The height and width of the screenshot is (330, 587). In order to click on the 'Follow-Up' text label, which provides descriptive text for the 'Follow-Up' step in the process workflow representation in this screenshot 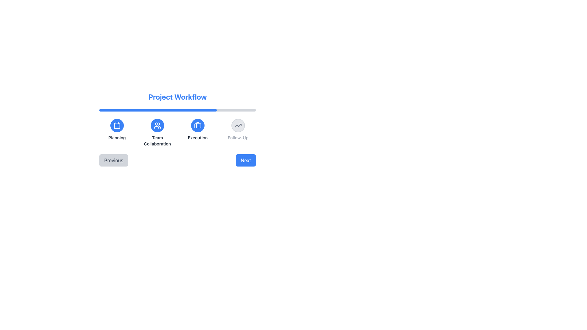, I will do `click(238, 138)`.